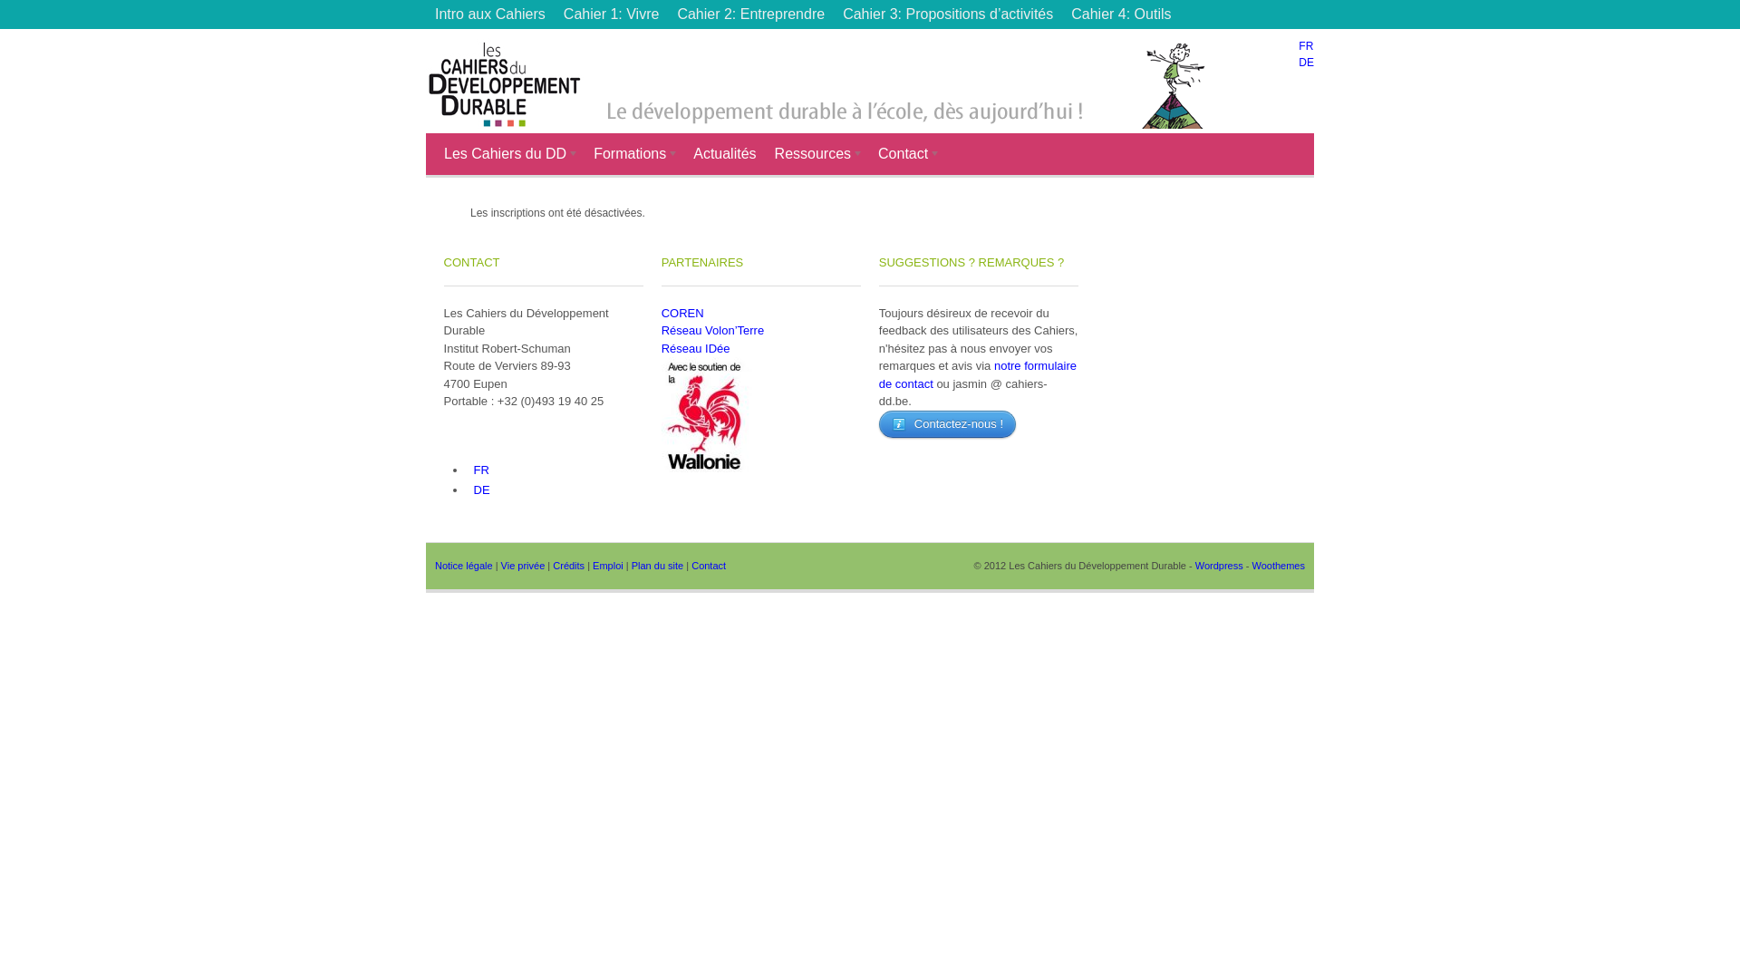 The height and width of the screenshot is (979, 1740). I want to click on 'Cahier 4: Outils', so click(1061, 14).